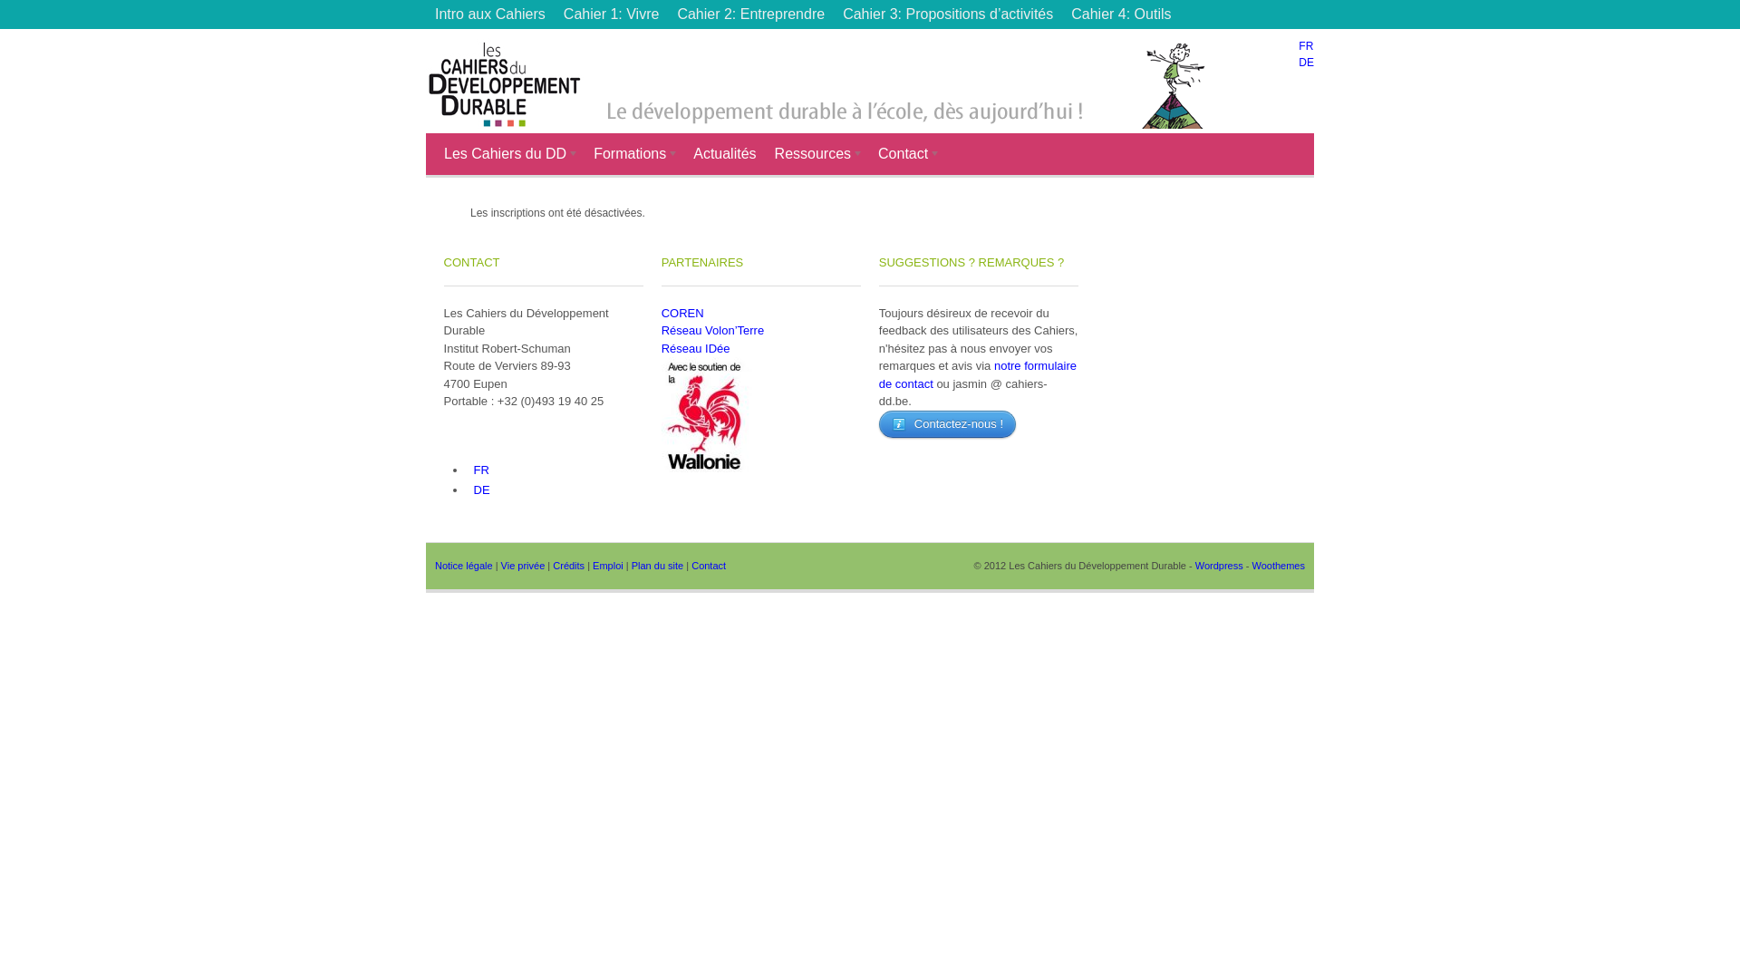 The height and width of the screenshot is (979, 1740). I want to click on 'Cahier 4: Outils', so click(1061, 14).